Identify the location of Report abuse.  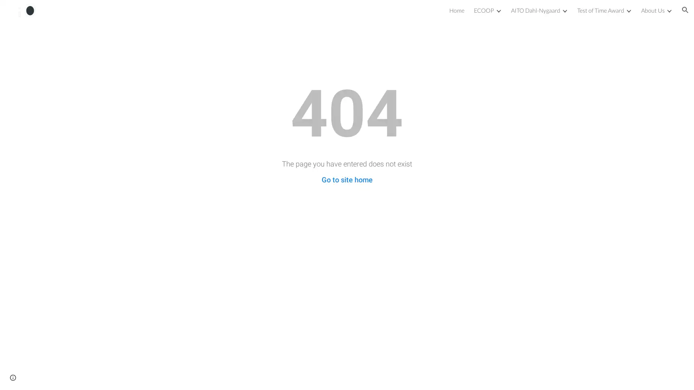
(56, 377).